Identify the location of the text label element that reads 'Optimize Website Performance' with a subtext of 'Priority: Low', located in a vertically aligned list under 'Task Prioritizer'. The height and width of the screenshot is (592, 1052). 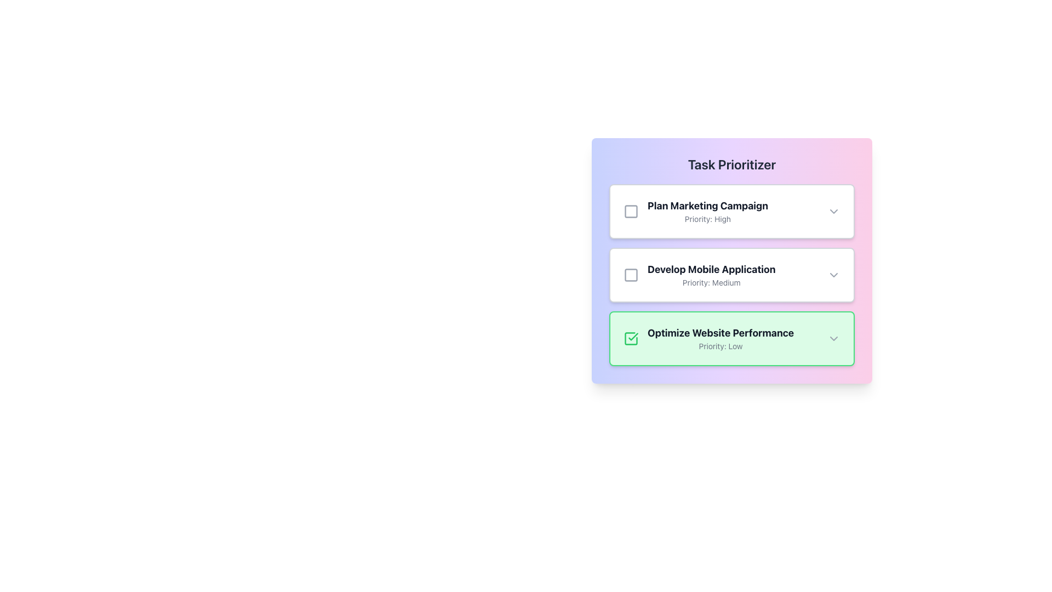
(721, 338).